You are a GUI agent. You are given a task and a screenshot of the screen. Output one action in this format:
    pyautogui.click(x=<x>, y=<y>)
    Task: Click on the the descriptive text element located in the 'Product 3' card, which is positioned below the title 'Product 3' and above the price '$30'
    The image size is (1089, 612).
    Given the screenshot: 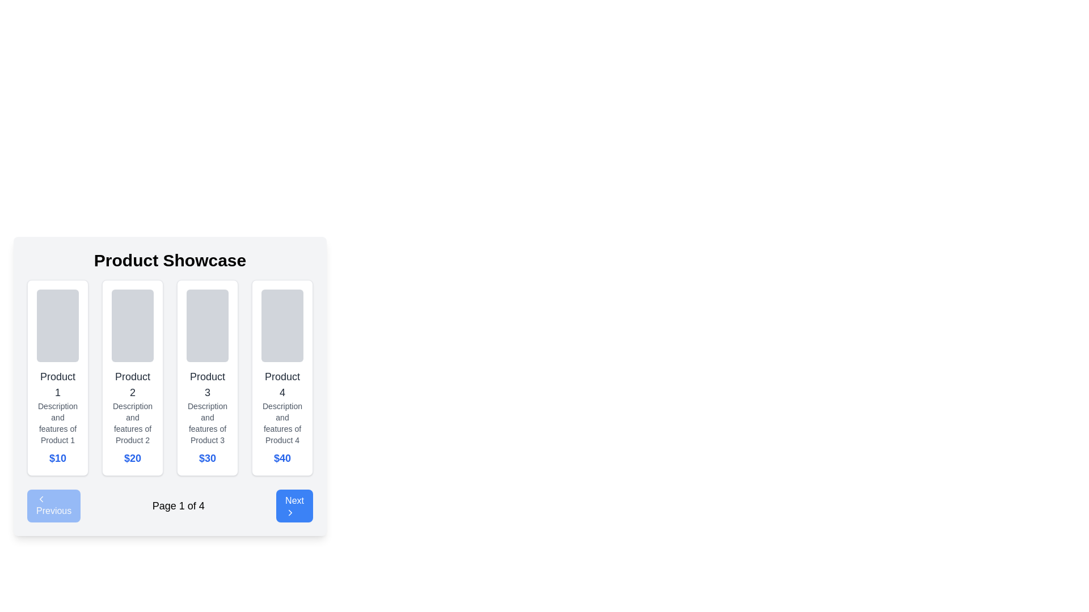 What is the action you would take?
    pyautogui.click(x=207, y=423)
    